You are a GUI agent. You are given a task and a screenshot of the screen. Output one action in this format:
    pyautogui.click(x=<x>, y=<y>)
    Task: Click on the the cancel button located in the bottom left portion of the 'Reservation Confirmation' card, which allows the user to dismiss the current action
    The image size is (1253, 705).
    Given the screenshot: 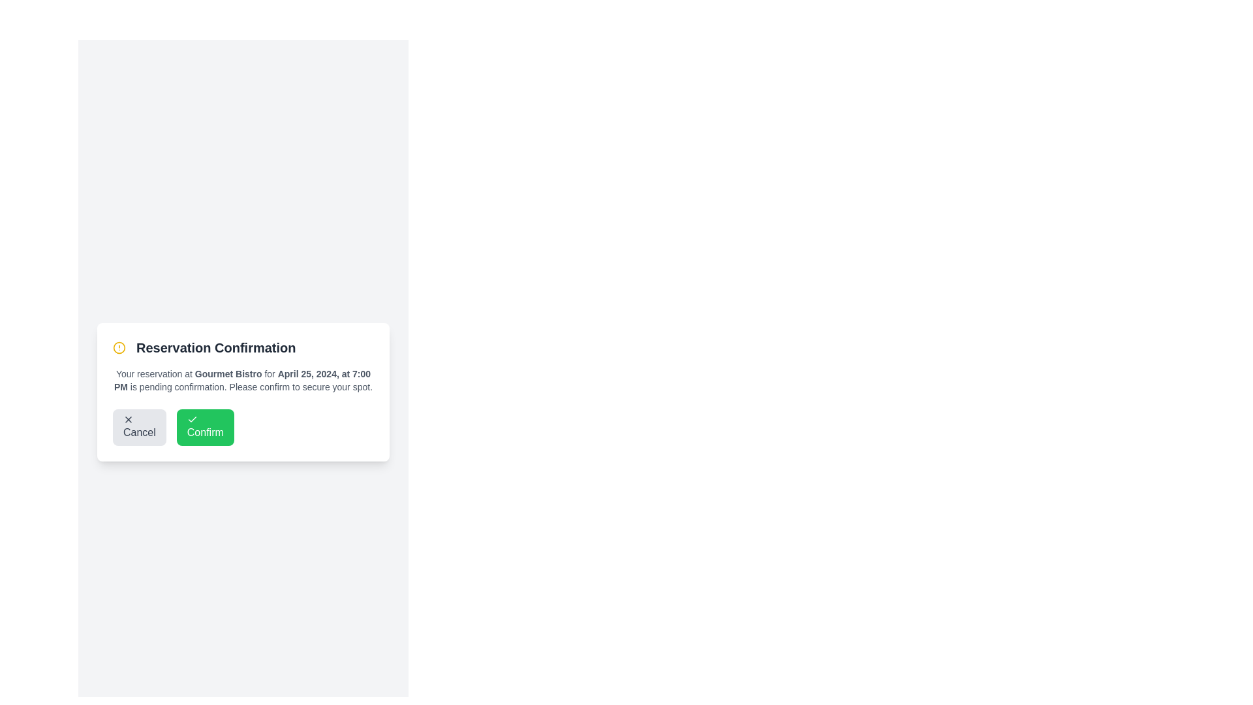 What is the action you would take?
    pyautogui.click(x=139, y=428)
    